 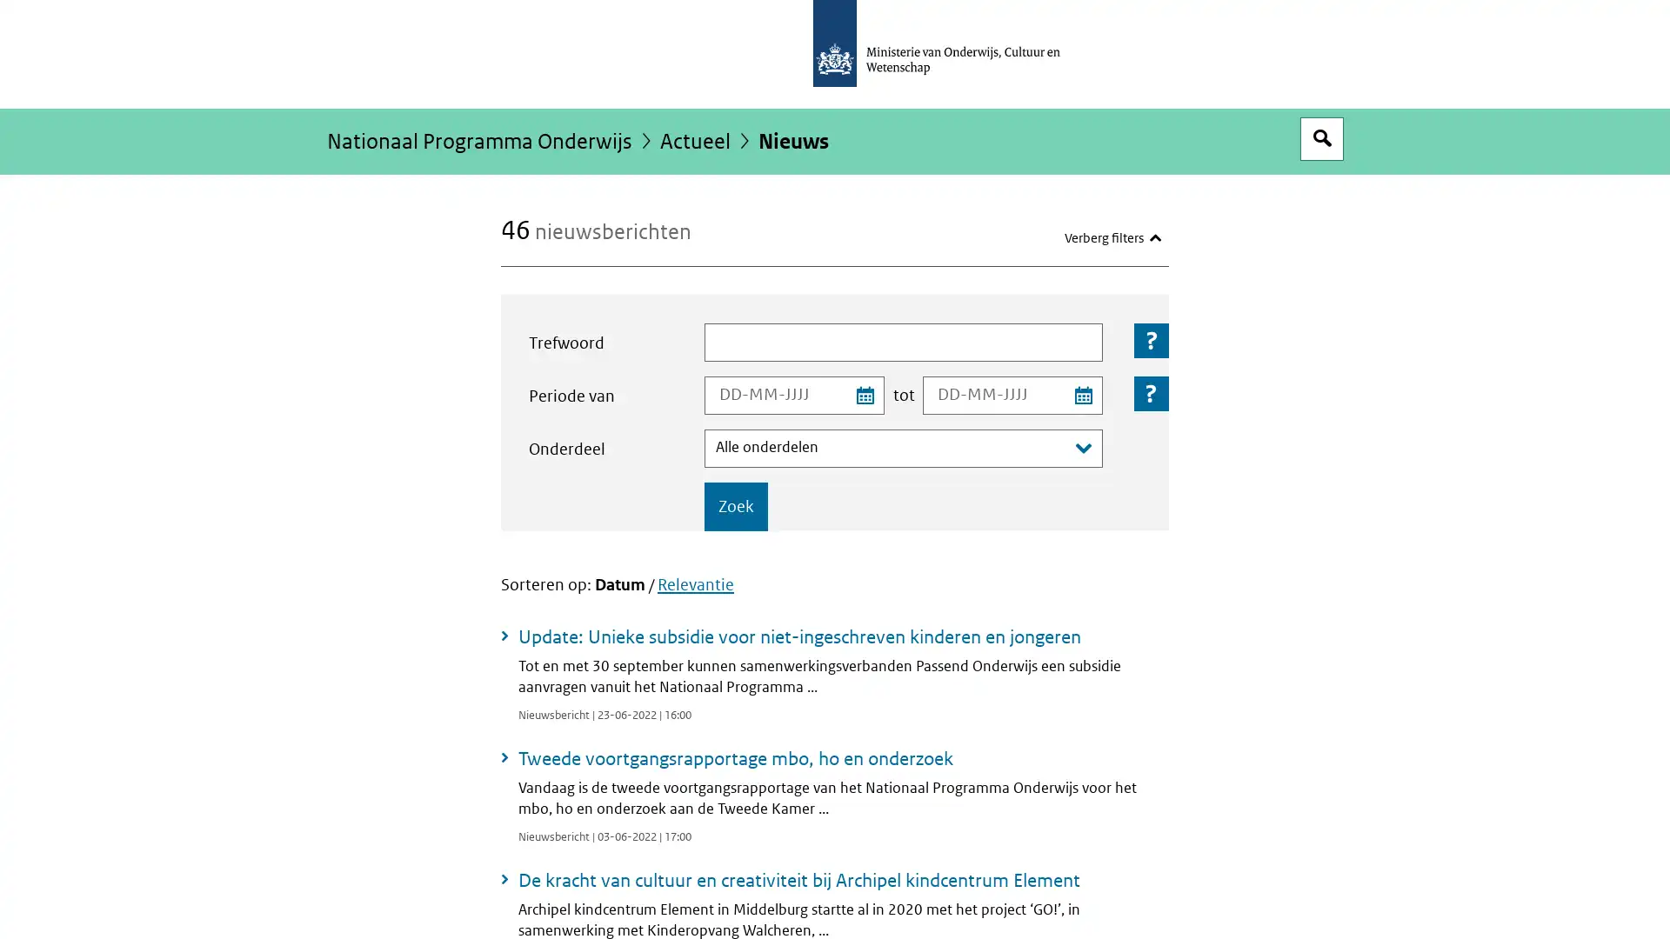 What do you see at coordinates (1113, 237) in the screenshot?
I see `Verberg filters` at bounding box center [1113, 237].